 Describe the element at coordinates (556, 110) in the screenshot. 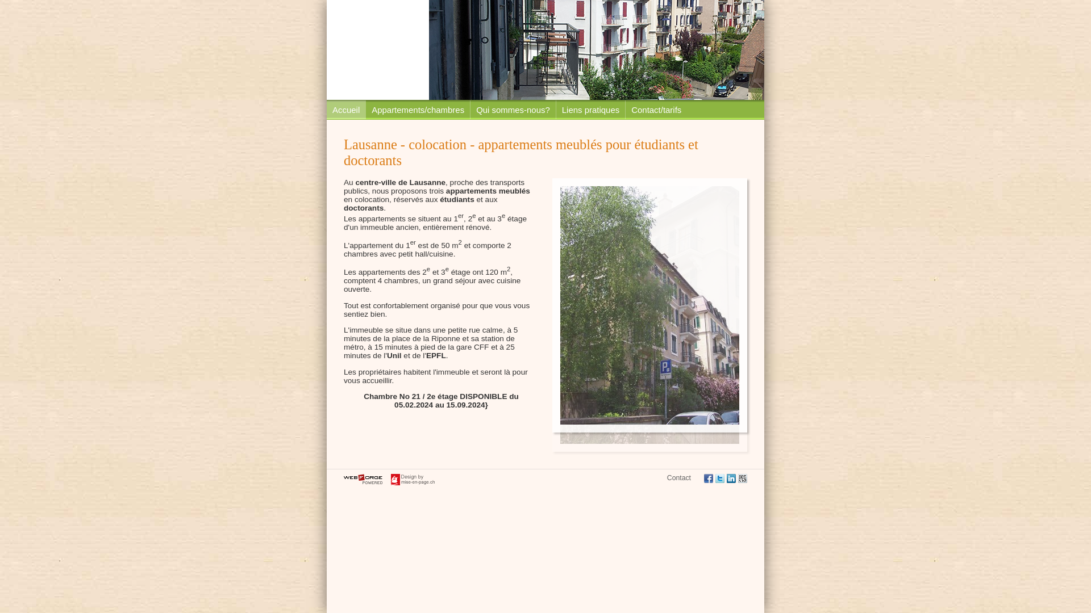

I see `'Liens pratiques'` at that location.